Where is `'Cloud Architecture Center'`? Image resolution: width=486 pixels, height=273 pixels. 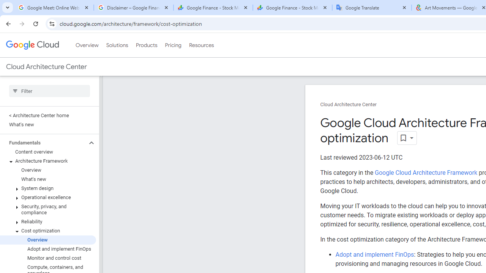
'Cloud Architecture Center' is located at coordinates (348, 105).